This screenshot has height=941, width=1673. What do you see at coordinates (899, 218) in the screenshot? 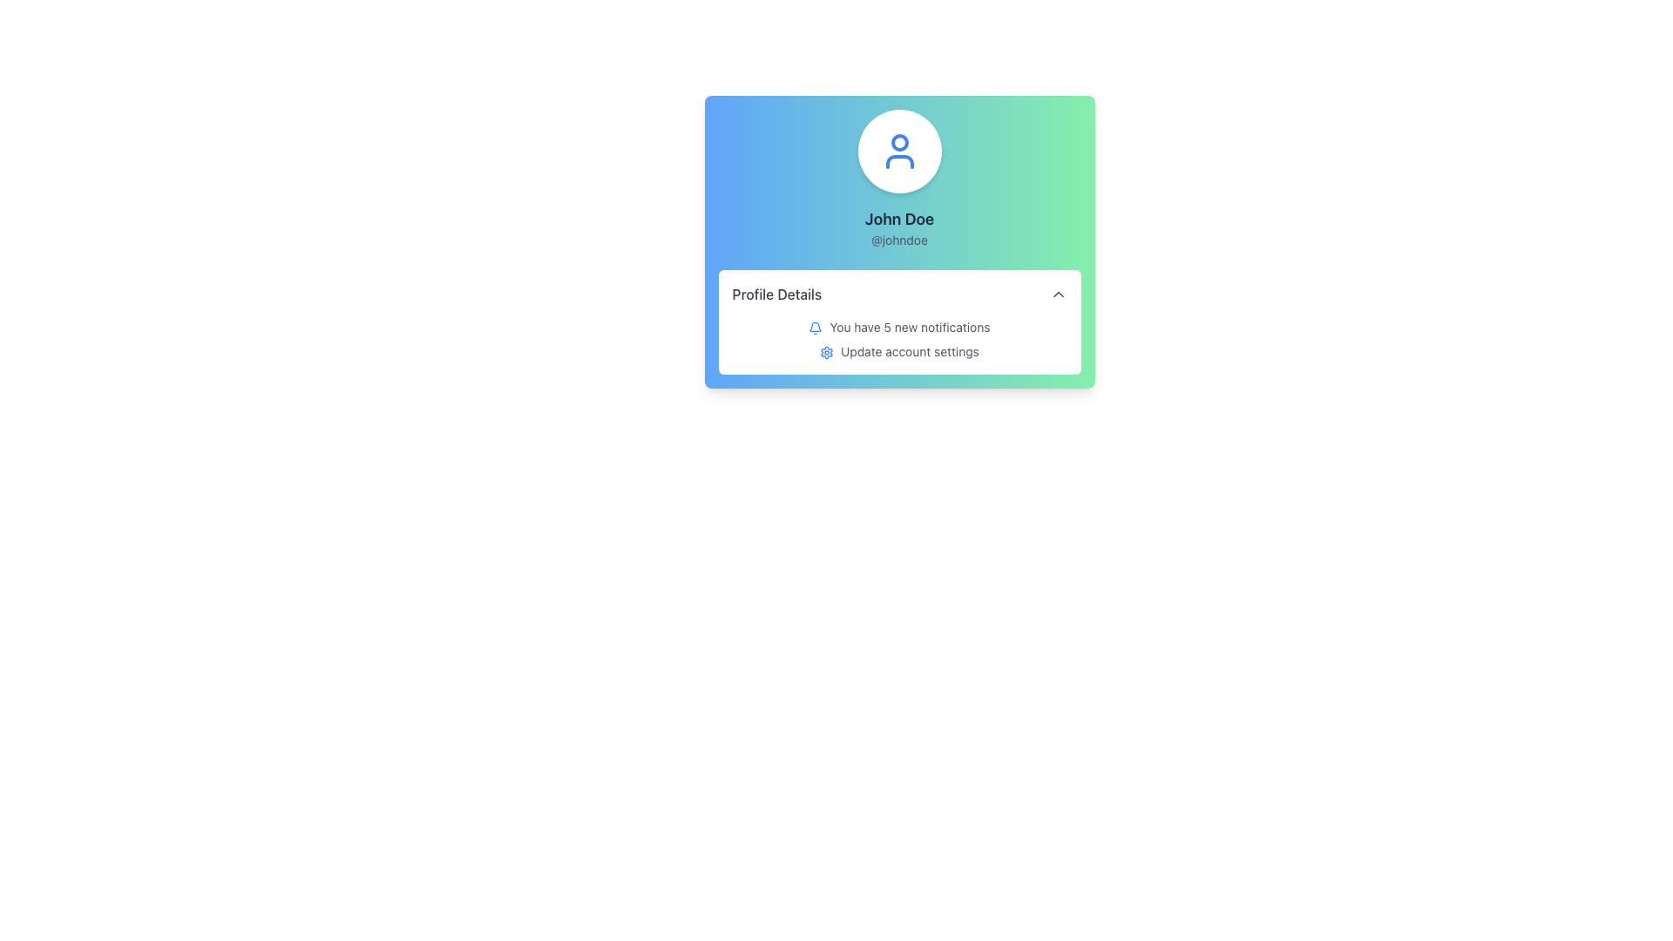
I see `the display name text for the user's profile, which is positioned above the username '@johndoe' and below the profile picture icon` at bounding box center [899, 218].